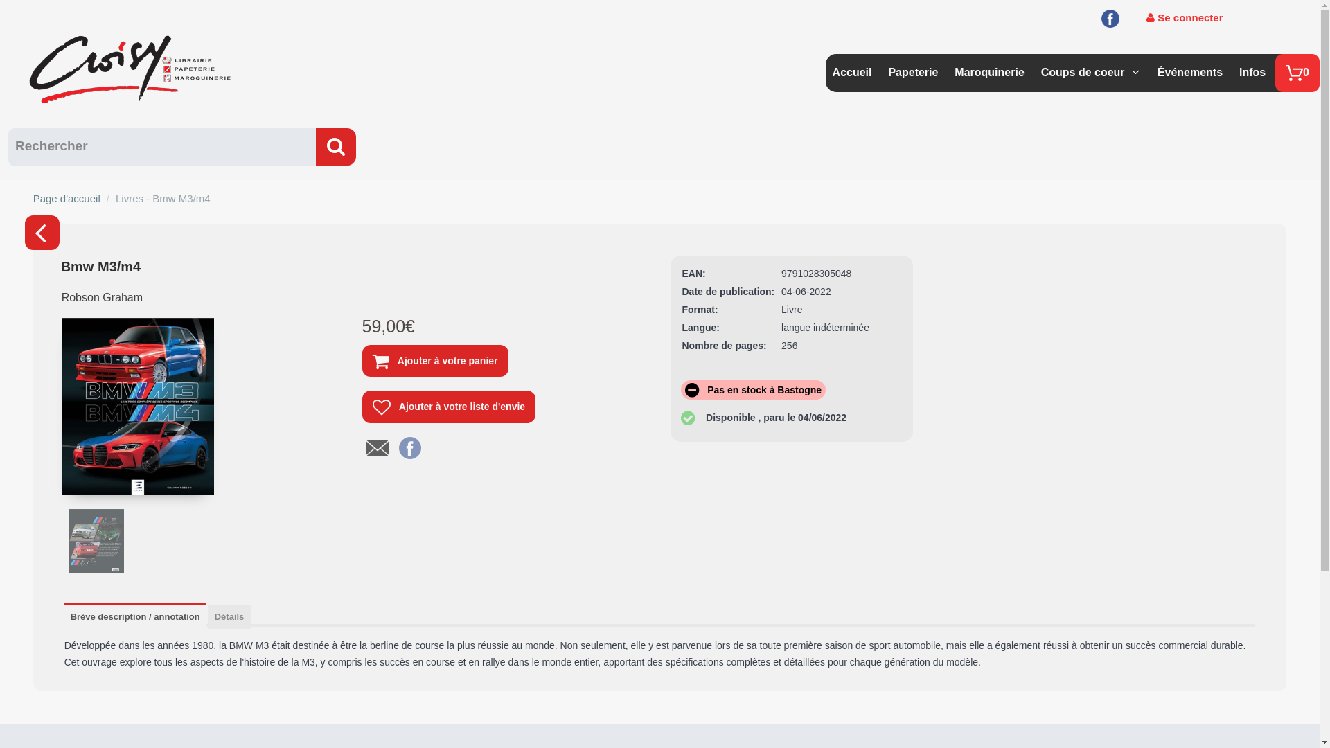  I want to click on 'Share via mail', so click(366, 446).